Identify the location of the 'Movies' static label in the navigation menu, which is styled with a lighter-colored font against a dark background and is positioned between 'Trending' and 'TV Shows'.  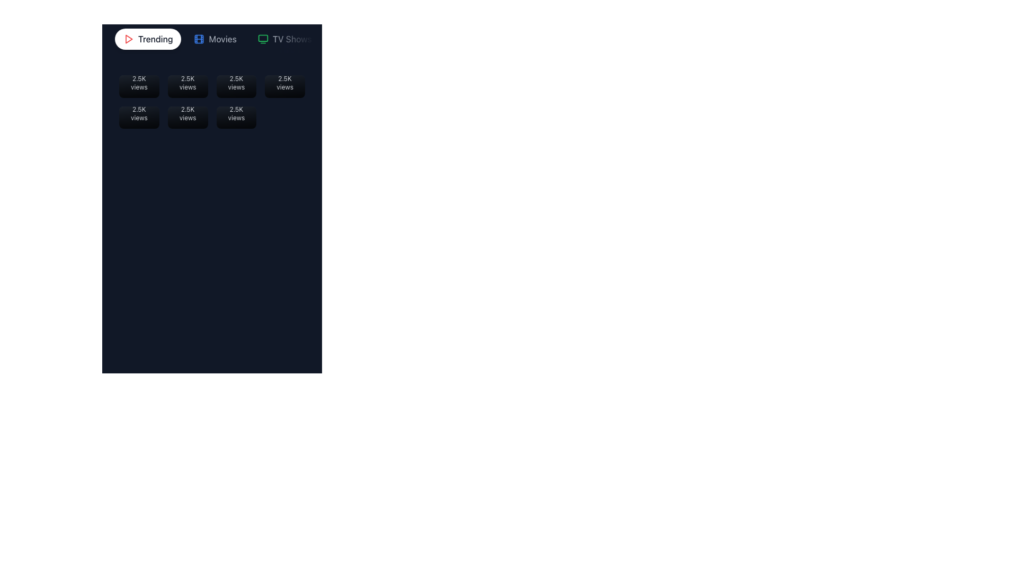
(222, 38).